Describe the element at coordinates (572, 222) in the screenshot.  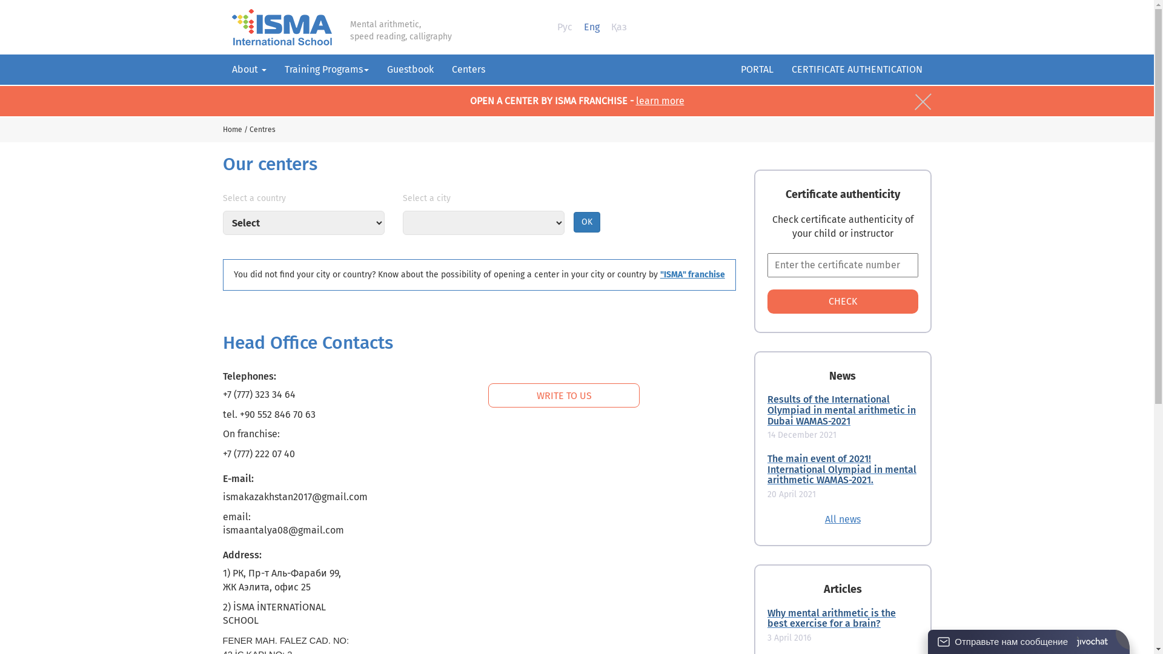
I see `'OK'` at that location.